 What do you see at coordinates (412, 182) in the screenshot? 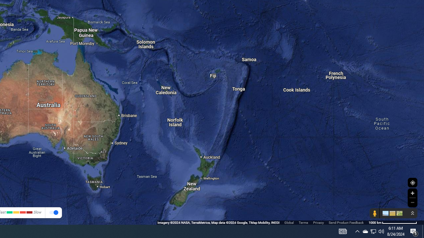
I see `'Show Your Location'` at bounding box center [412, 182].